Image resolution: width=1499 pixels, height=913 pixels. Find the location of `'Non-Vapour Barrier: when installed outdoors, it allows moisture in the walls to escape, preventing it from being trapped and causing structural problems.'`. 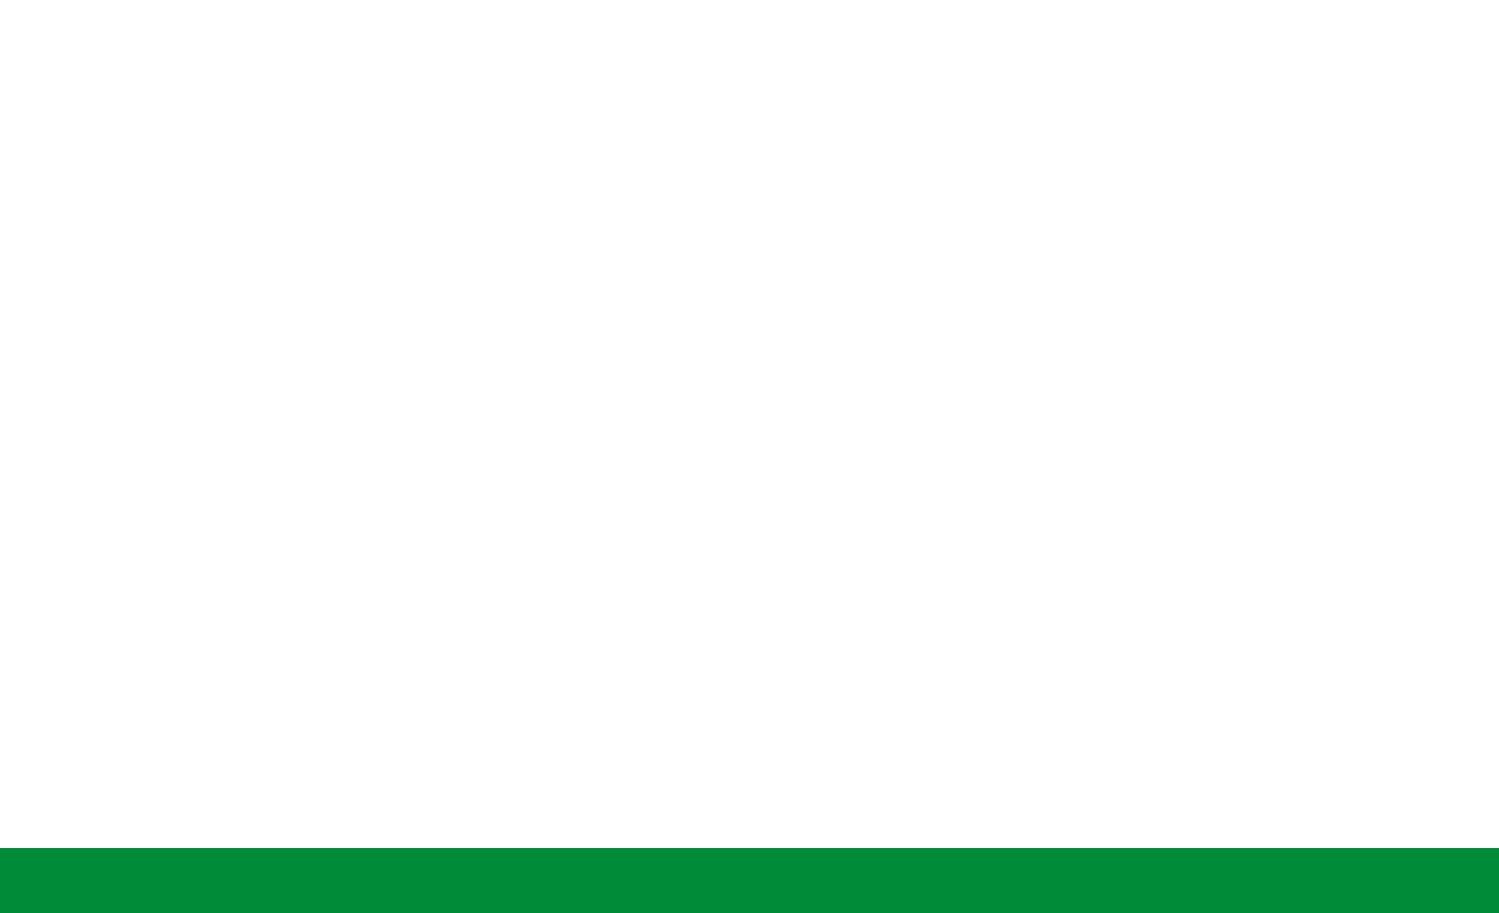

'Non-Vapour Barrier: when installed outdoors, it allows moisture in the walls to escape, preventing it from being trapped and causing structural problems.' is located at coordinates (755, 731).